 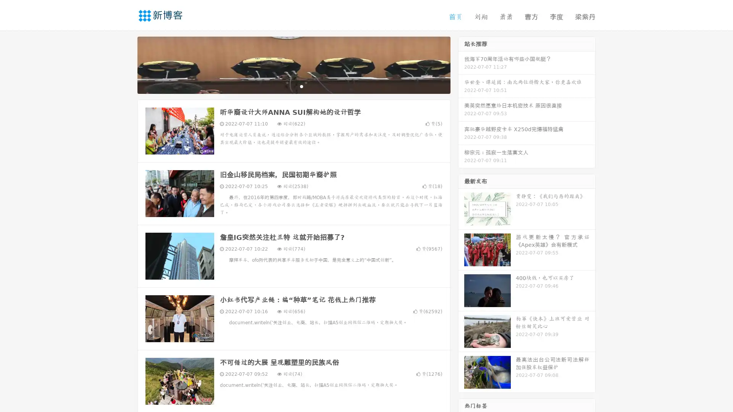 What do you see at coordinates (126, 64) in the screenshot?
I see `Previous slide` at bounding box center [126, 64].